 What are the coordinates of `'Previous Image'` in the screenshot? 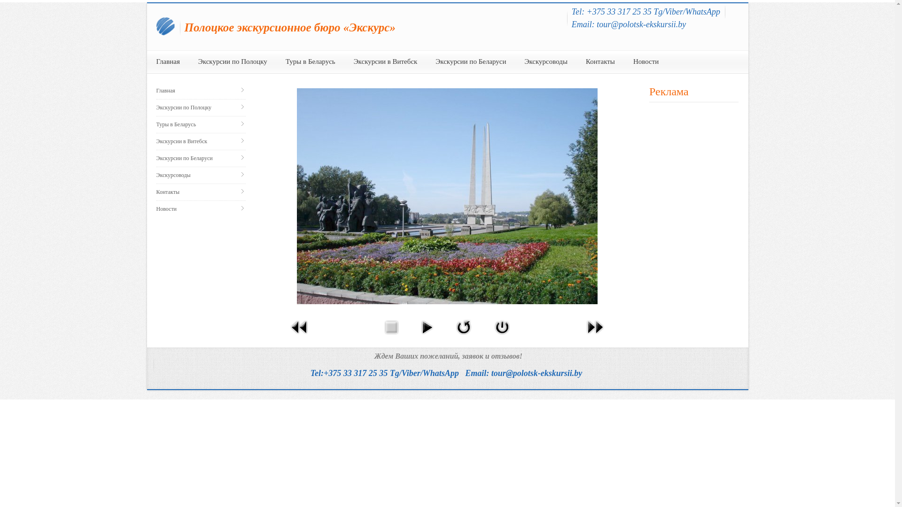 It's located at (299, 335).